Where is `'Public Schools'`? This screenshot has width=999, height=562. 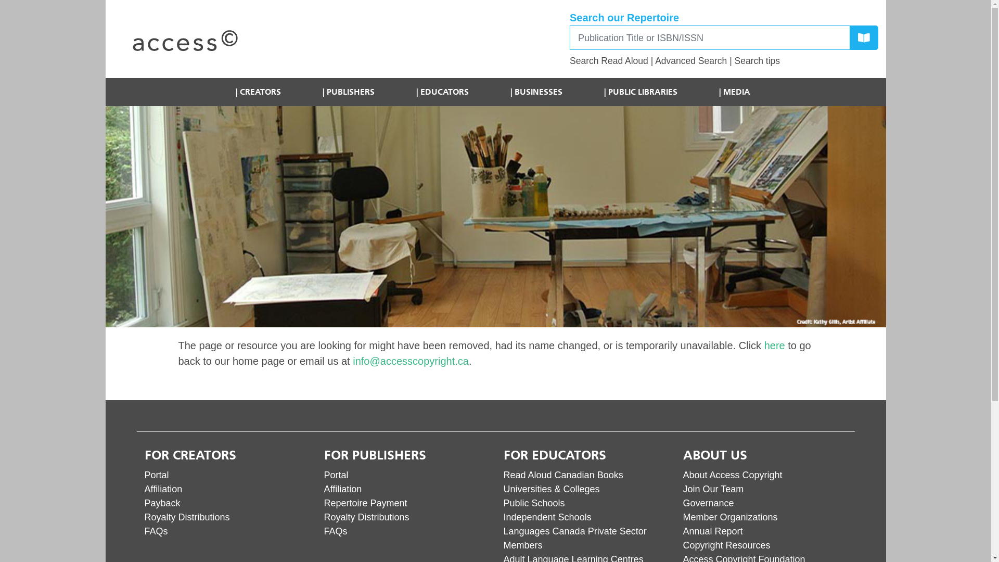
'Public Schools' is located at coordinates (534, 503).